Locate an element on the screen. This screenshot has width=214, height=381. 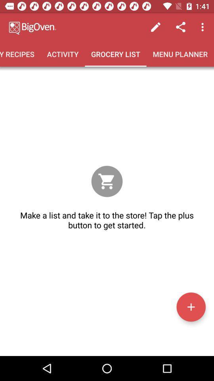
start a list is located at coordinates (191, 306).